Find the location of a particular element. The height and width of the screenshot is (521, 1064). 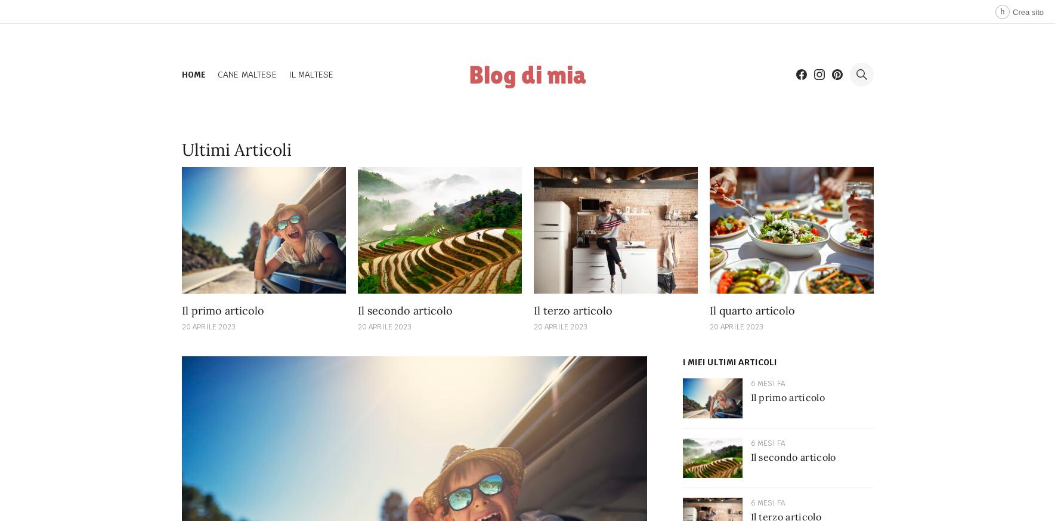

'Home' is located at coordinates (181, 73).